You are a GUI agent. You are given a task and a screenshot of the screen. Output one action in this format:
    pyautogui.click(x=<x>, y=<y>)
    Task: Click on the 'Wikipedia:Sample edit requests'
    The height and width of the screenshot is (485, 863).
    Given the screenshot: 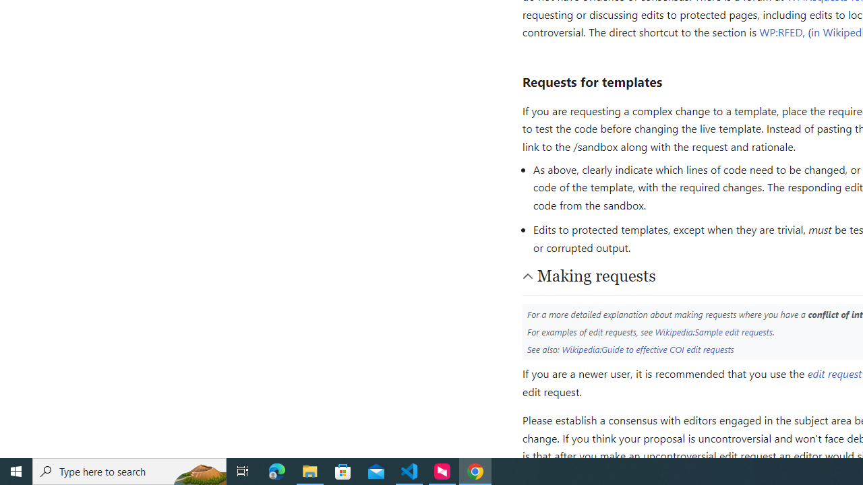 What is the action you would take?
    pyautogui.click(x=713, y=331)
    